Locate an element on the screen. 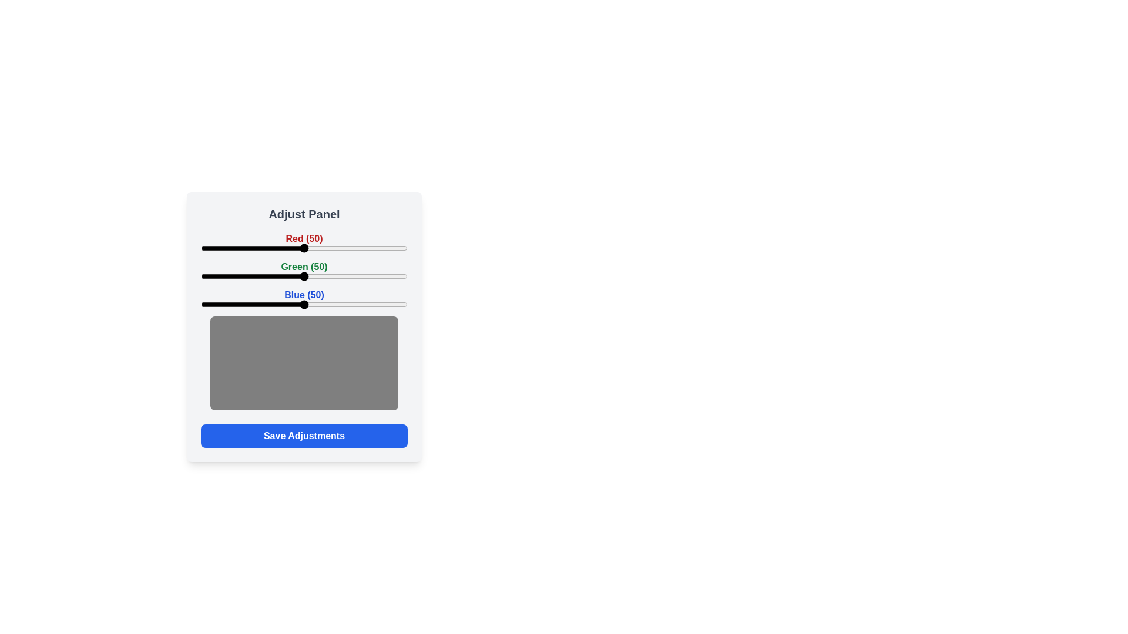  the blue slider to 99 percent is located at coordinates (405, 304).